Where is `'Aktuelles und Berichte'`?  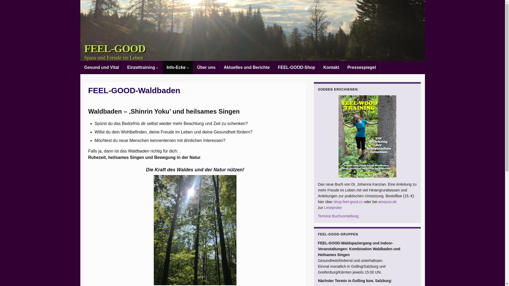 'Aktuelles und Berichte' is located at coordinates (246, 67).